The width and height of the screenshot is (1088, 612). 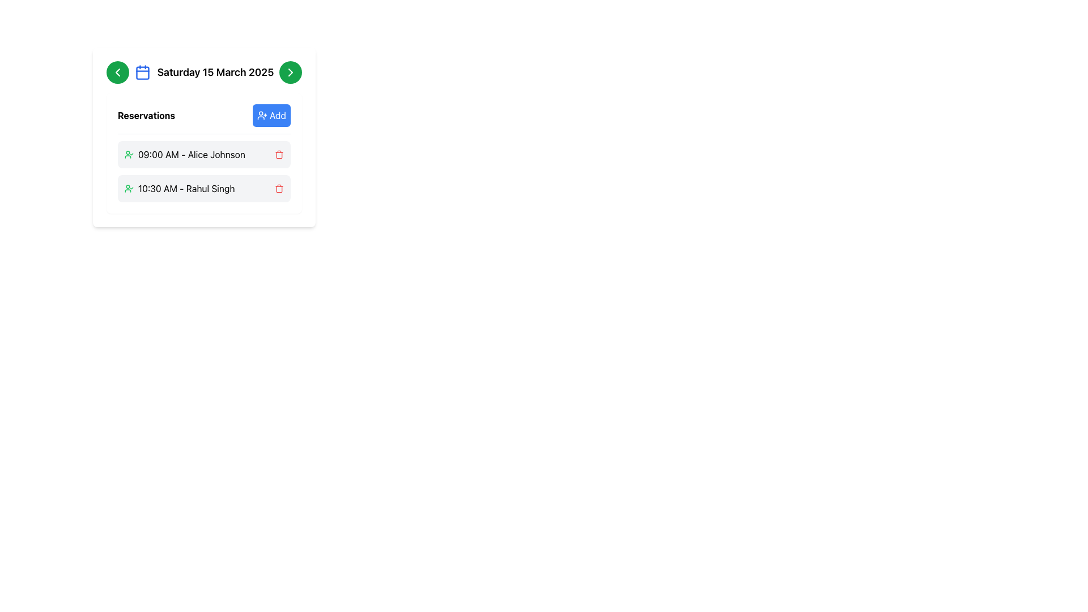 What do you see at coordinates (117, 72) in the screenshot?
I see `the left arrow icon within the green circular button located in the upper-left corner of the header to possibly reveal additional information or a tooltip` at bounding box center [117, 72].